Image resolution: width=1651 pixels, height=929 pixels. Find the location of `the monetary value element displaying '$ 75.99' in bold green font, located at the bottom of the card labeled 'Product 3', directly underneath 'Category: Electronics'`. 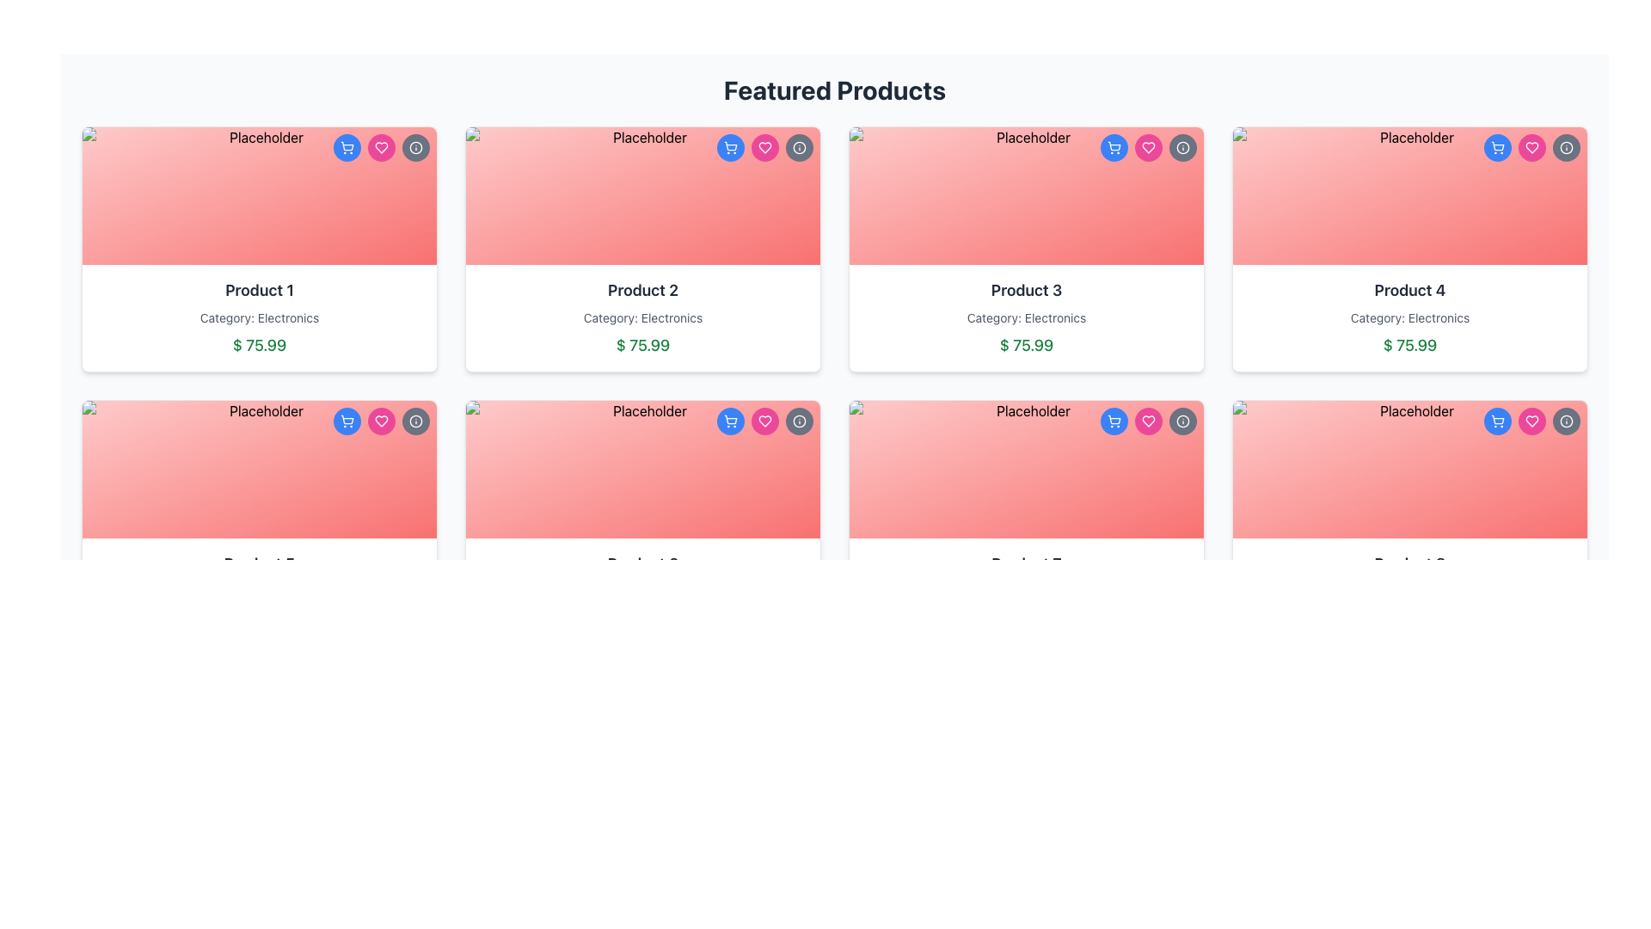

the monetary value element displaying '$ 75.99' in bold green font, located at the bottom of the card labeled 'Product 3', directly underneath 'Category: Electronics' is located at coordinates (1027, 345).